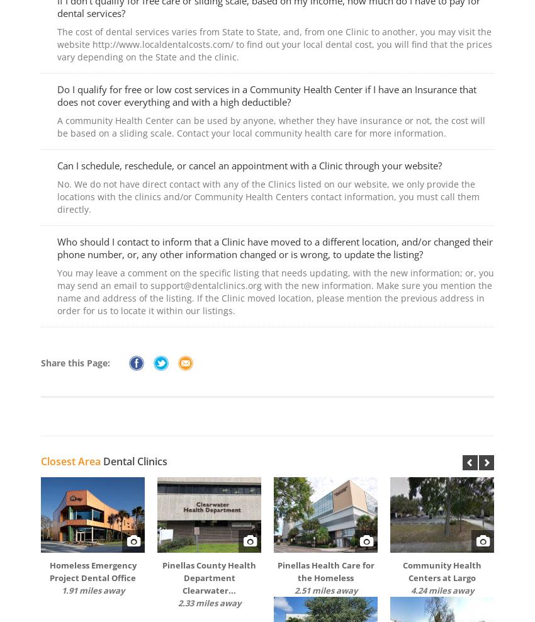 This screenshot has width=535, height=622. Describe the element at coordinates (249, 165) in the screenshot. I see `'Can I schedule, reschedule, or cancel an appointment with a Clinic through your website?'` at that location.